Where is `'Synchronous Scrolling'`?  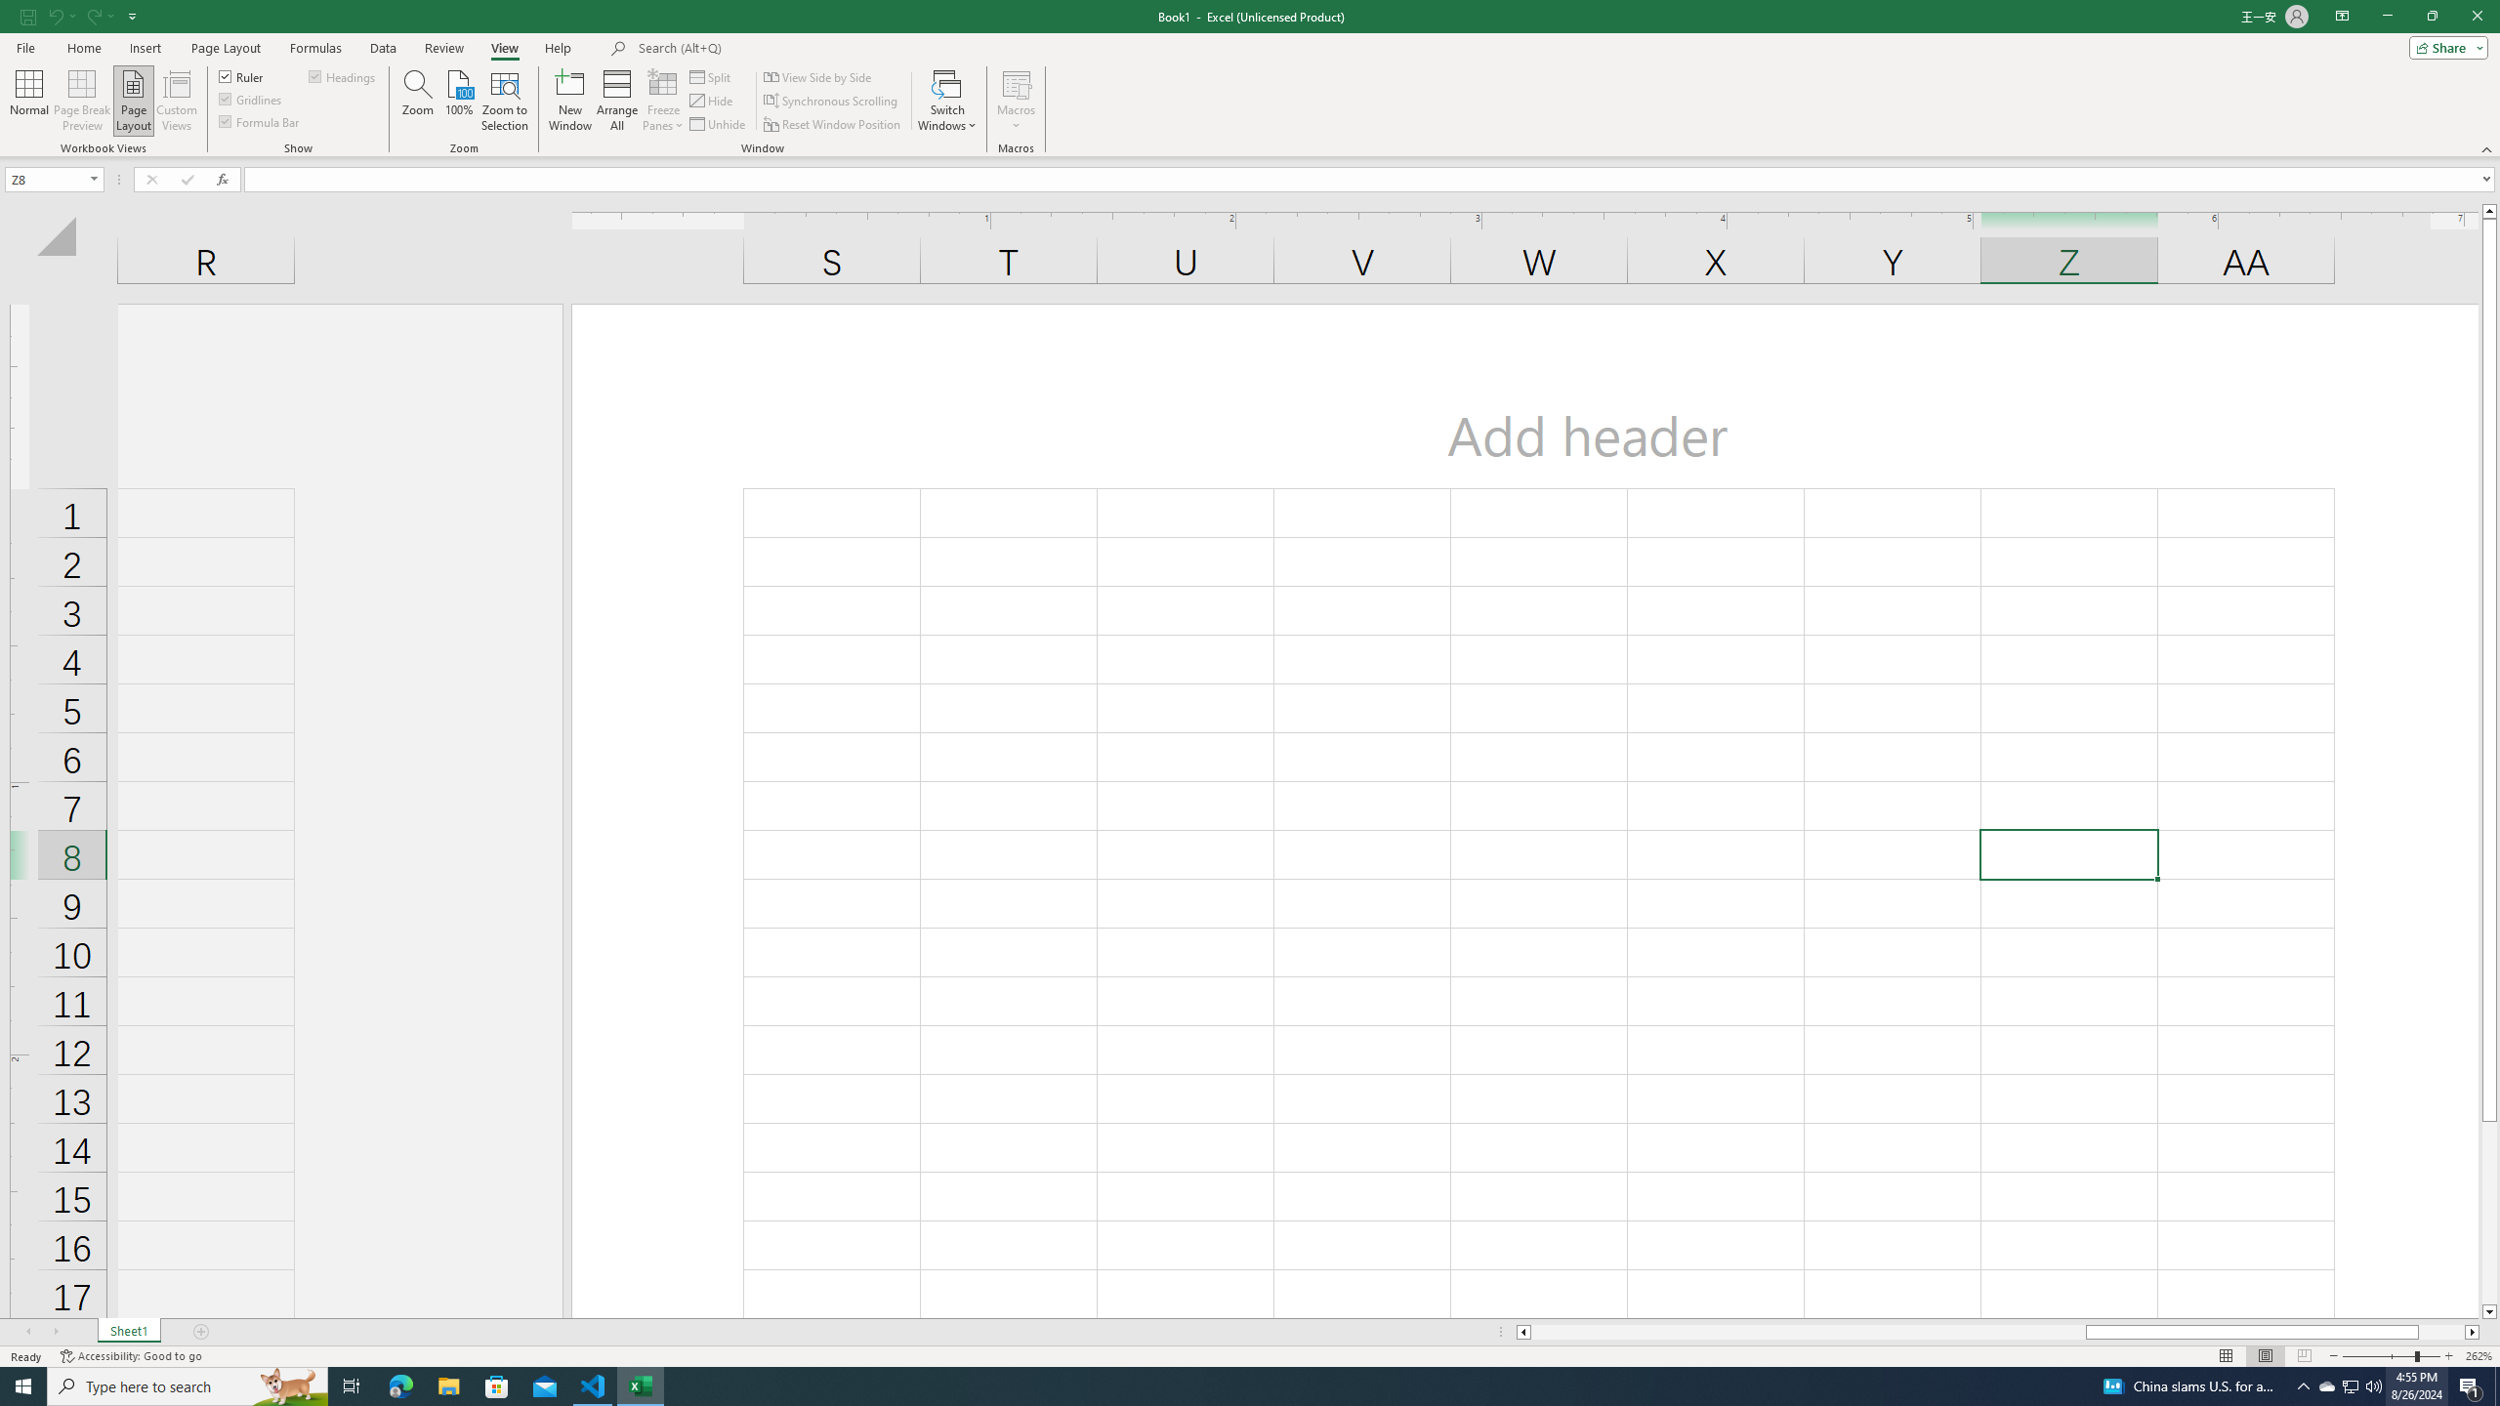 'Synchronous Scrolling' is located at coordinates (831, 101).